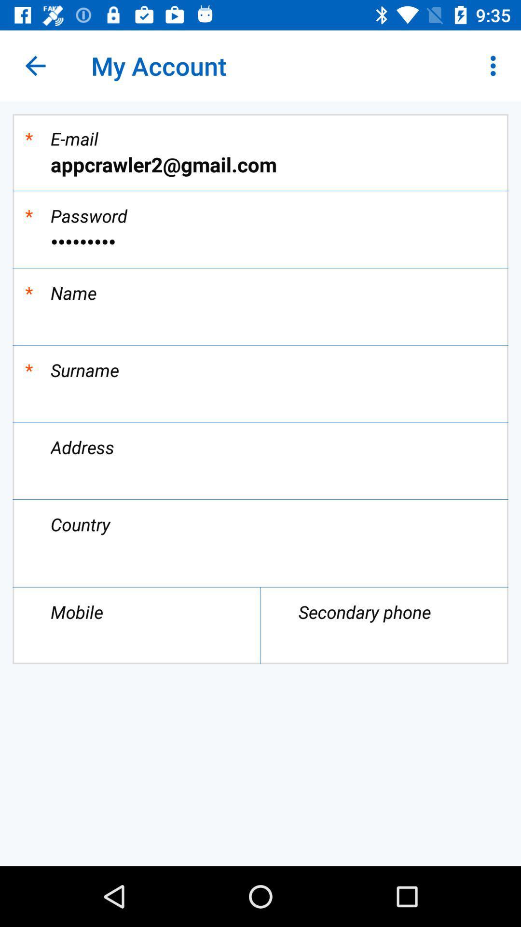 The image size is (521, 927). I want to click on the crowd3116, so click(260, 241).